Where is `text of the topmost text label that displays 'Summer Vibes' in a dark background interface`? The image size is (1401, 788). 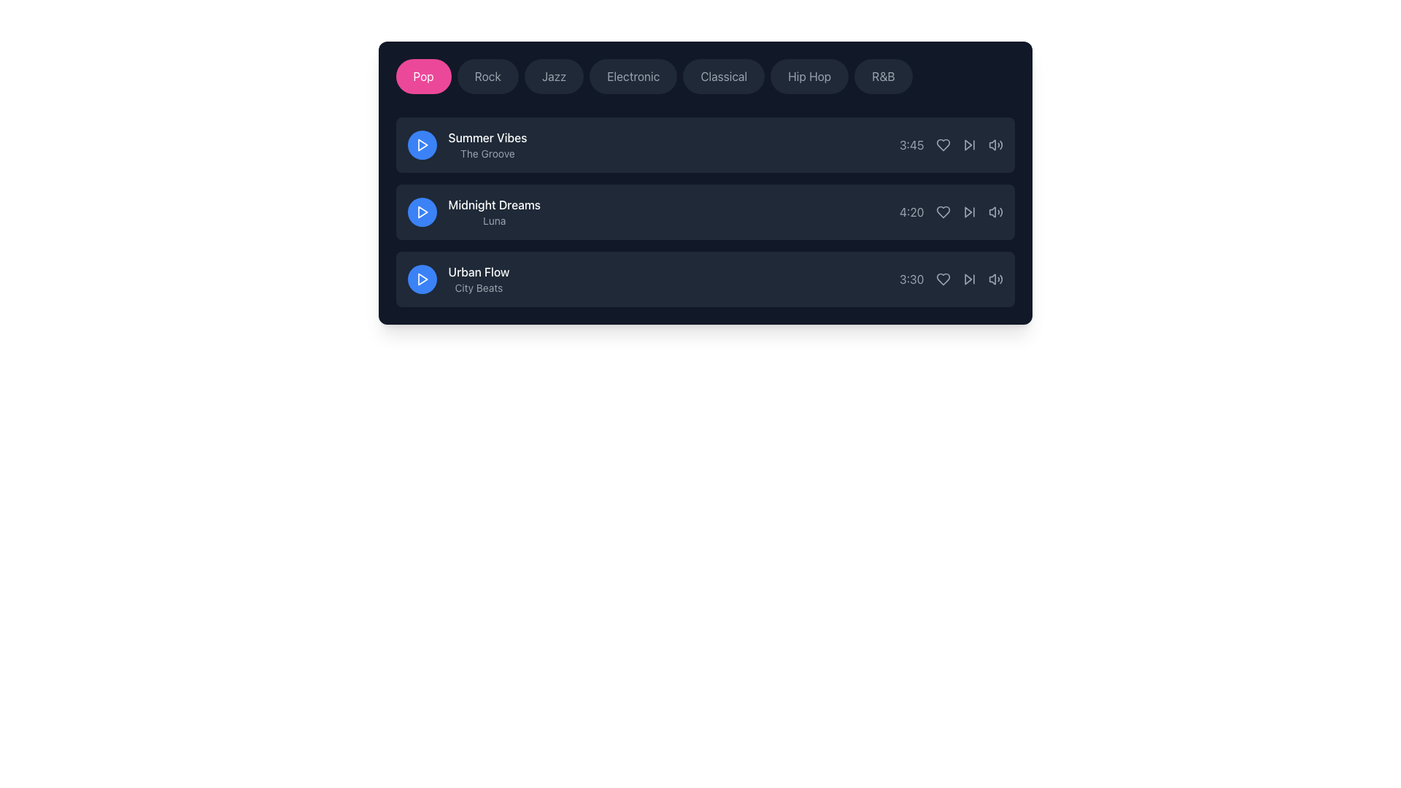 text of the topmost text label that displays 'Summer Vibes' in a dark background interface is located at coordinates (487, 138).